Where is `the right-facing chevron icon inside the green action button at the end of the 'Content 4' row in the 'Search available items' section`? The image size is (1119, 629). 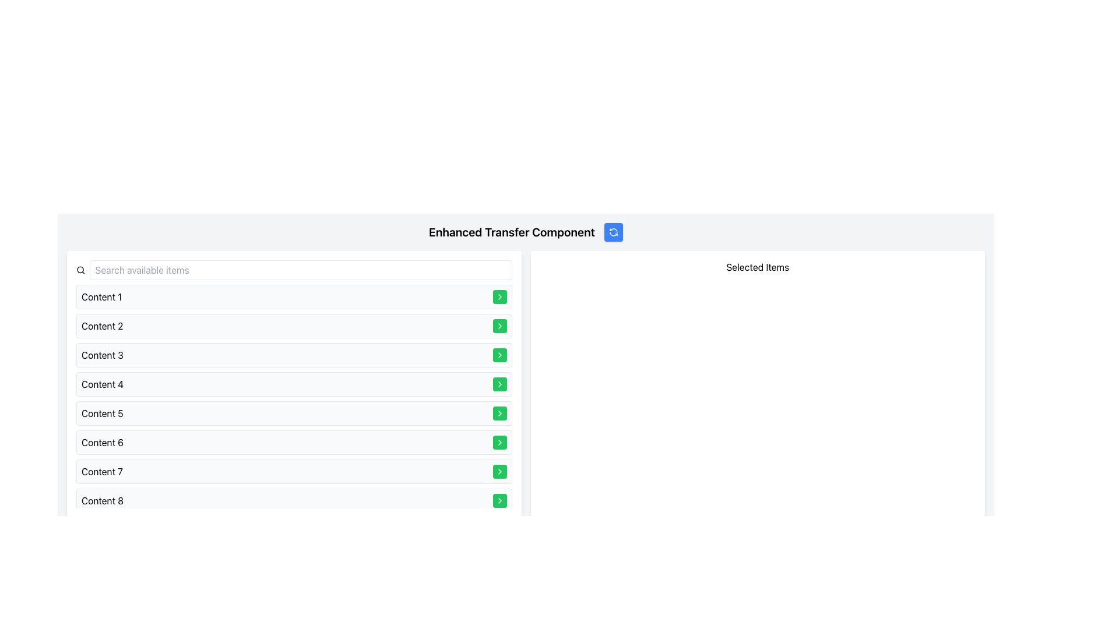
the right-facing chevron icon inside the green action button at the end of the 'Content 4' row in the 'Search available items' section is located at coordinates (499, 354).